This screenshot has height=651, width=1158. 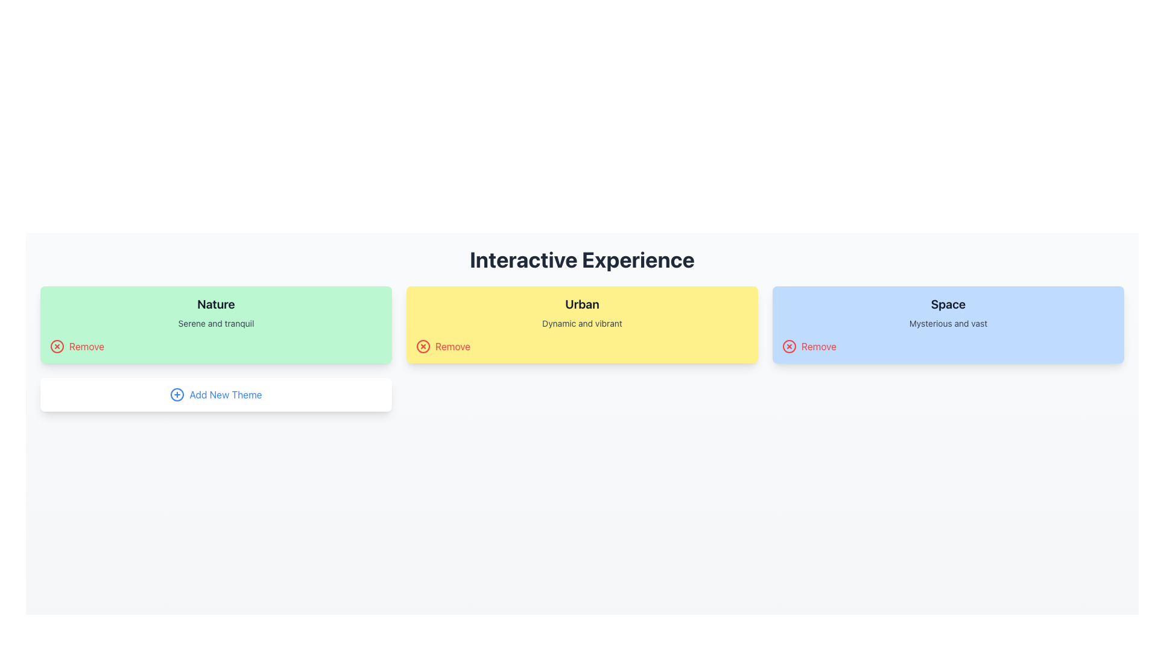 What do you see at coordinates (819, 346) in the screenshot?
I see `the static text label indicating the action to remove the associated component, located at the far-right of the 'Space' card, directly to the right of the red circular icon with a white cross` at bounding box center [819, 346].